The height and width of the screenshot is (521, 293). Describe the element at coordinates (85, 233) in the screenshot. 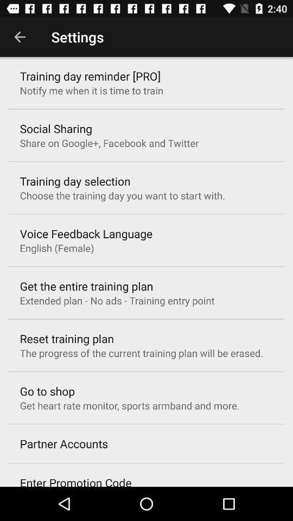

I see `the icon above english (female) item` at that location.